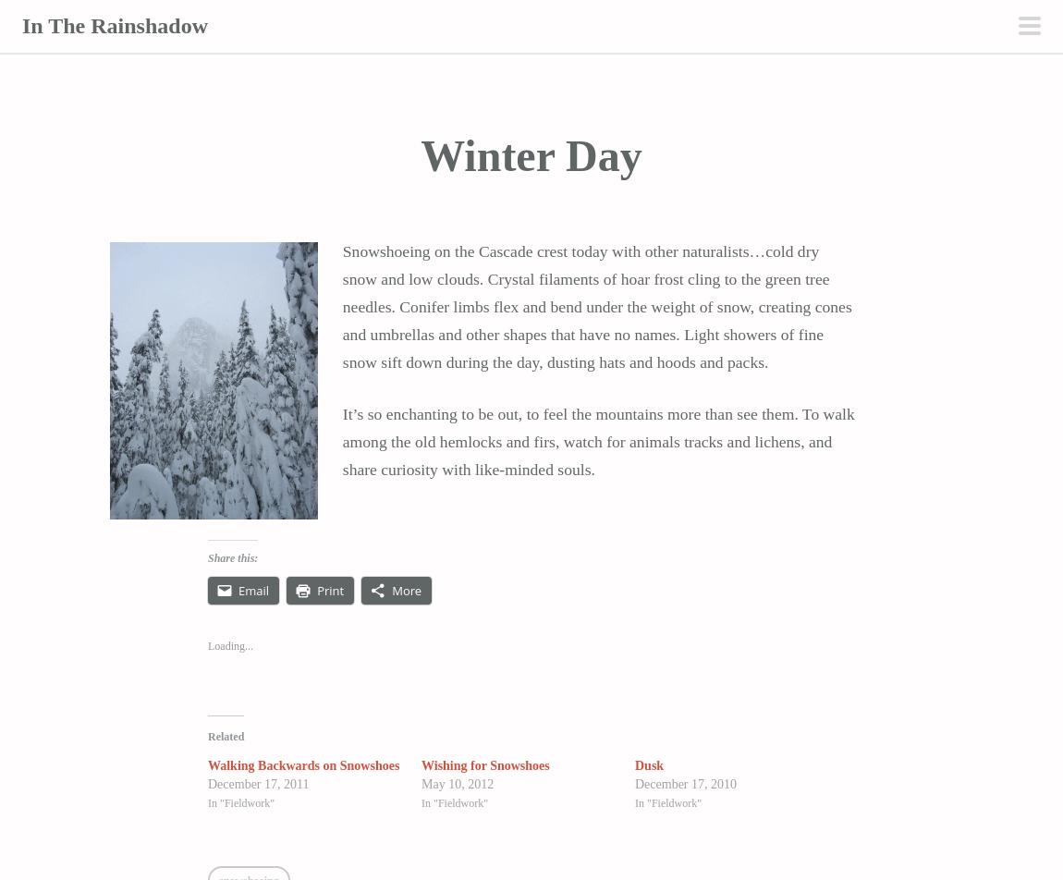 The image size is (1063, 880). Describe the element at coordinates (225, 735) in the screenshot. I see `'Related'` at that location.